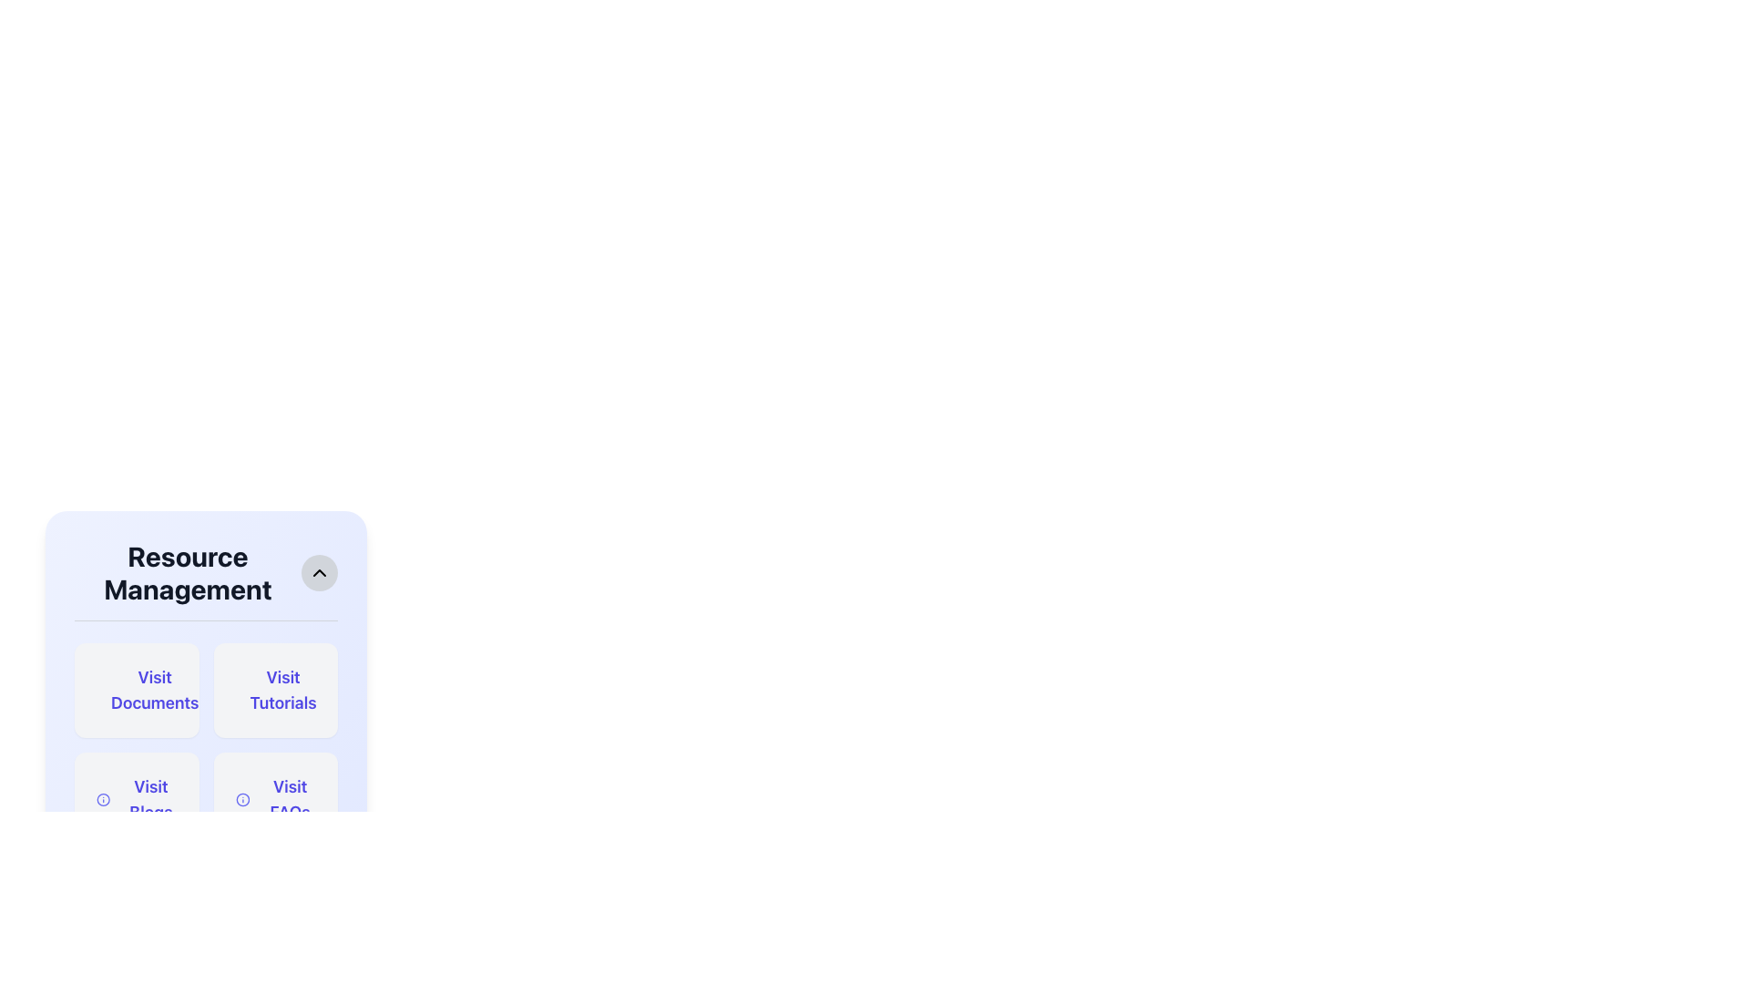 The height and width of the screenshot is (984, 1749). What do you see at coordinates (274, 691) in the screenshot?
I see `the 'Visit Tutorials' button, which is a rectangular button with a light gray background and bold indigo text` at bounding box center [274, 691].